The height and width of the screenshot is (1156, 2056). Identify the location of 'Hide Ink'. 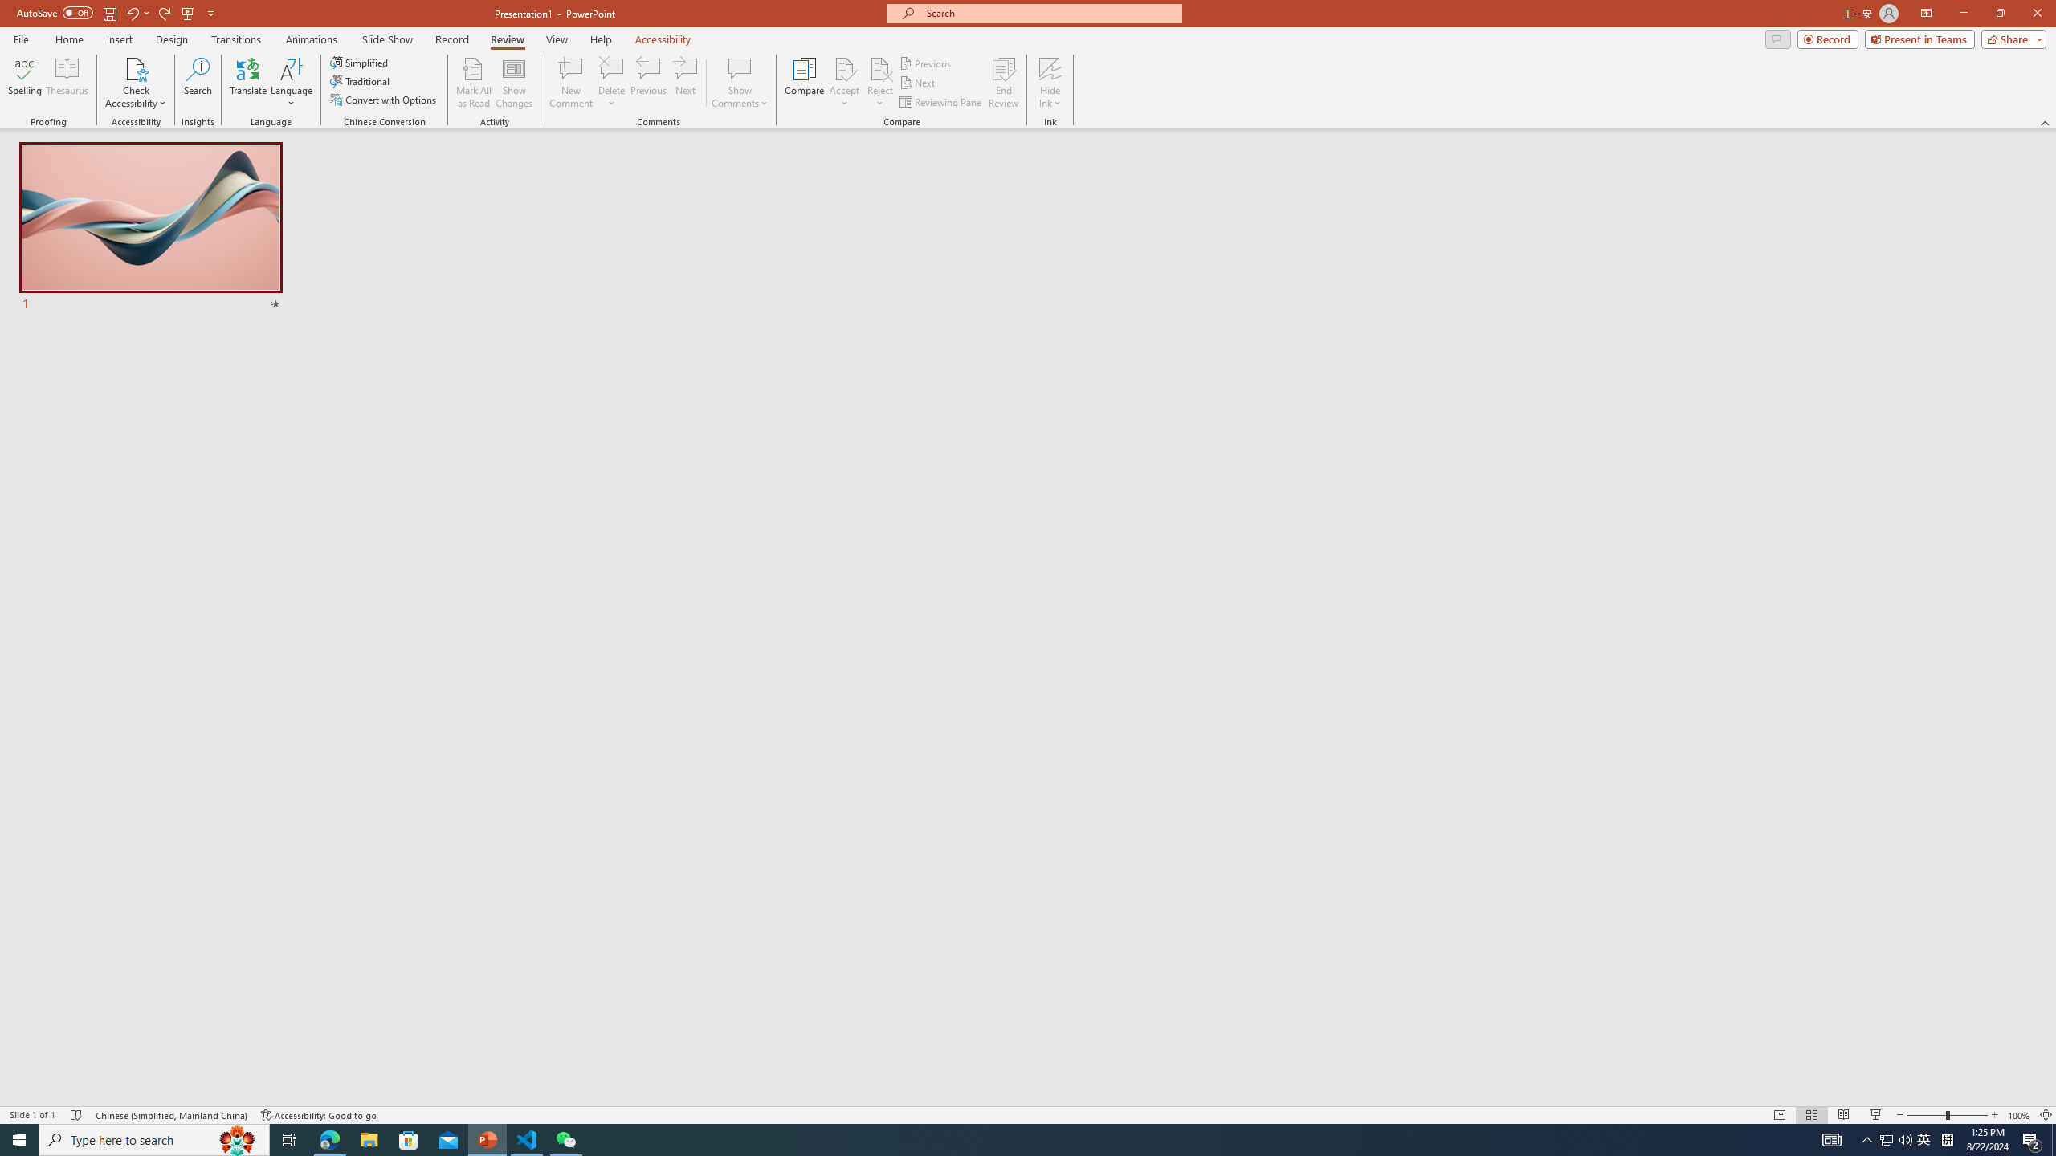
(1050, 83).